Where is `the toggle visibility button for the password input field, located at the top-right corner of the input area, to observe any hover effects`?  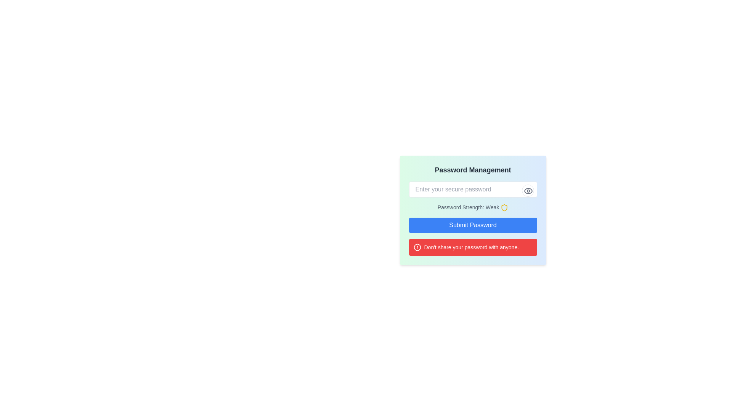 the toggle visibility button for the password input field, located at the top-right corner of the input area, to observe any hover effects is located at coordinates (527, 190).